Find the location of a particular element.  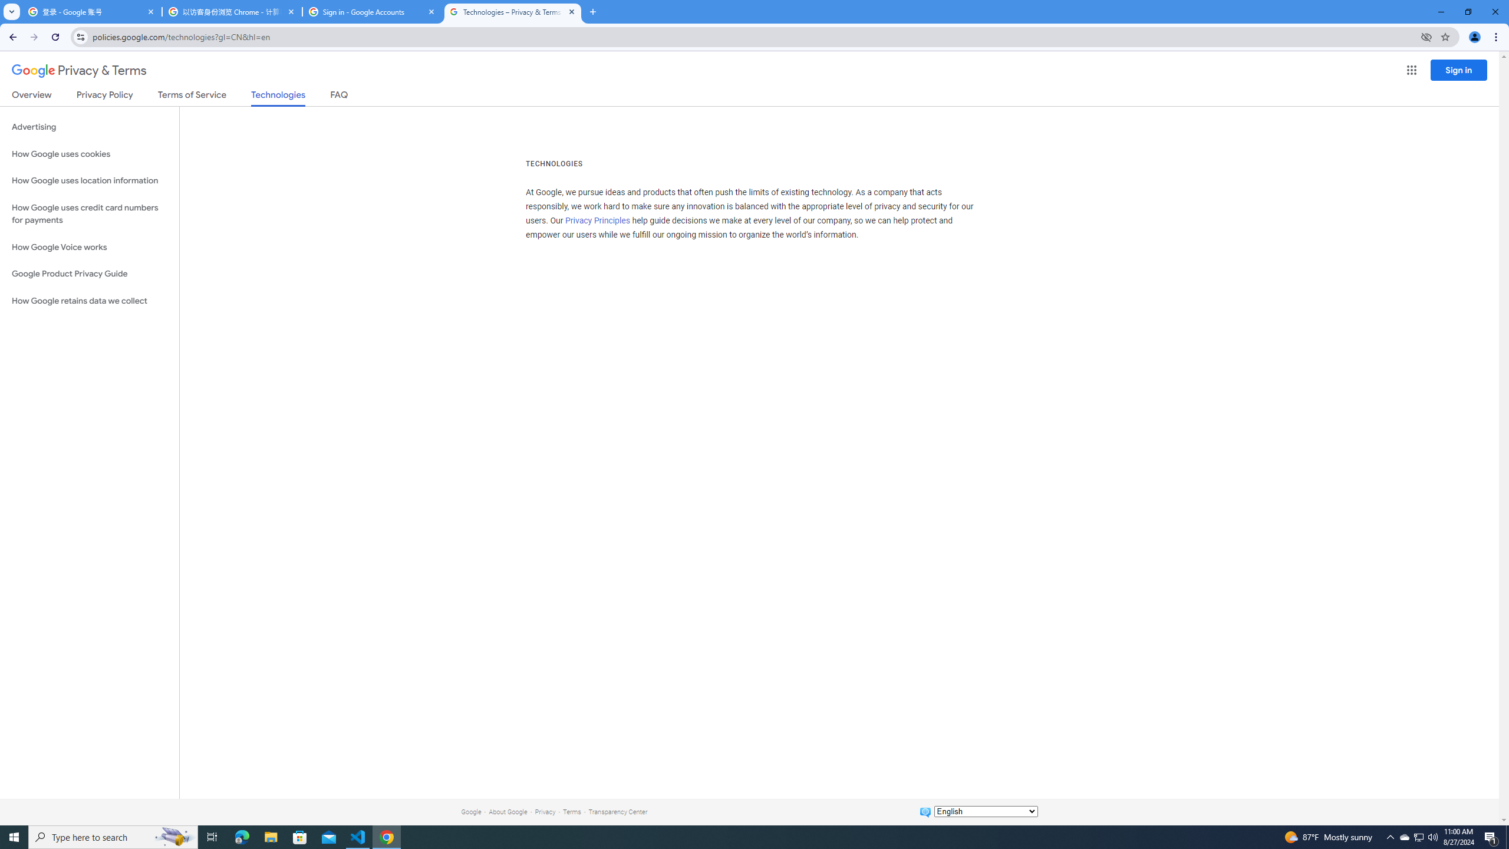

'Change language:' is located at coordinates (985, 810).